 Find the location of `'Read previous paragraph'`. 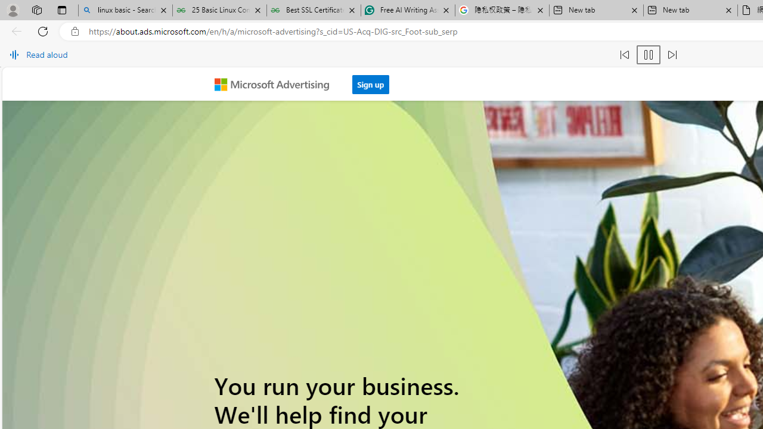

'Read previous paragraph' is located at coordinates (624, 55).